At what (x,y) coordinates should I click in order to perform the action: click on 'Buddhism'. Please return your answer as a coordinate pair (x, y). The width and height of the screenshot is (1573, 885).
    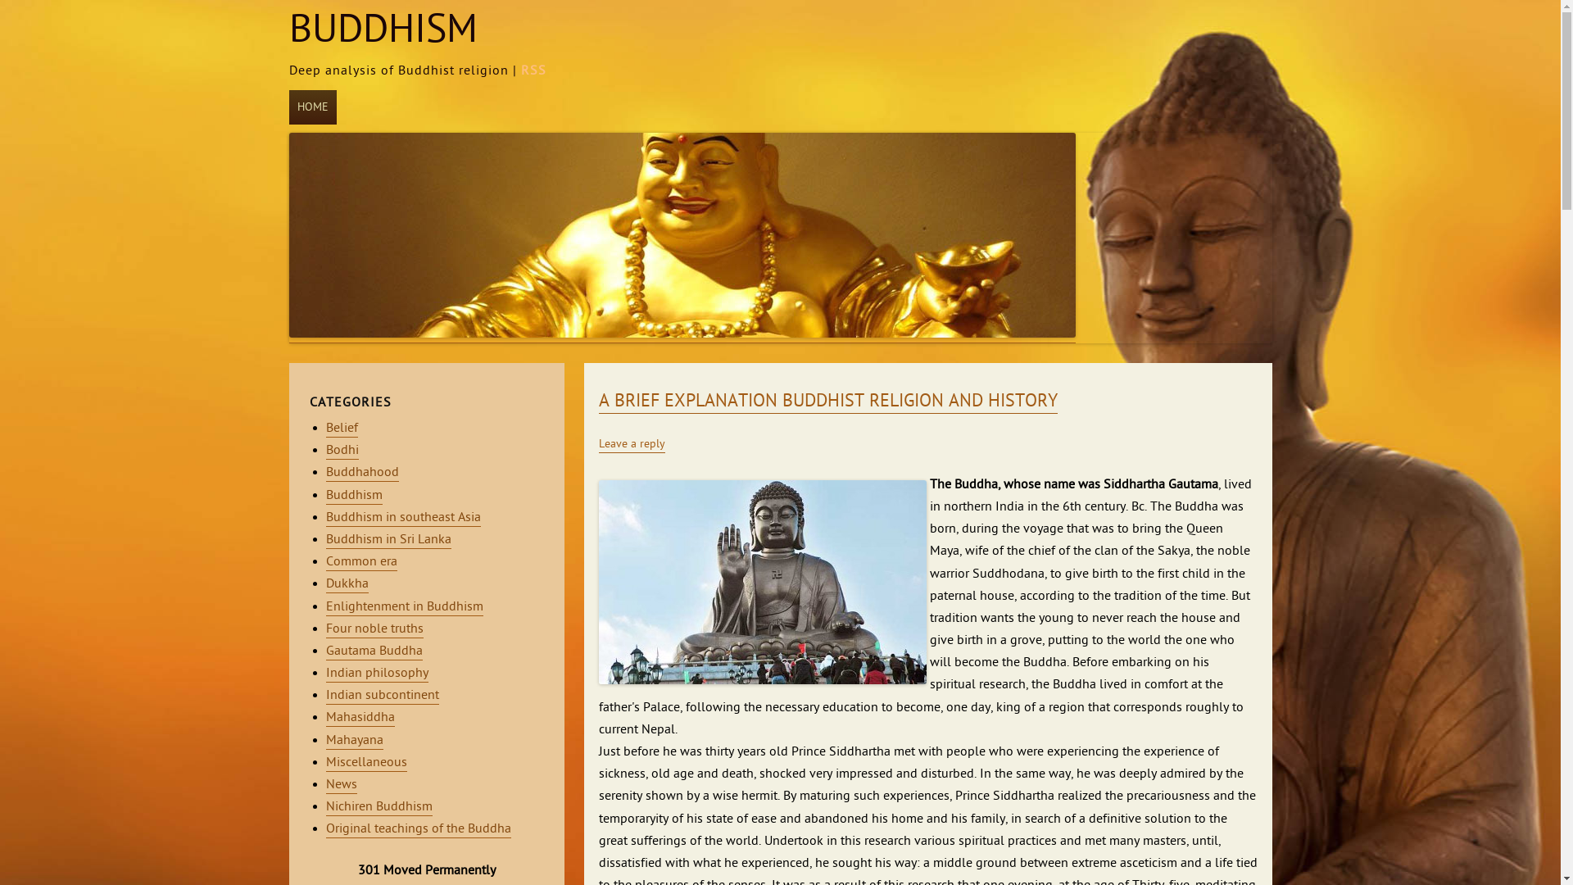
    Looking at the image, I should click on (326, 495).